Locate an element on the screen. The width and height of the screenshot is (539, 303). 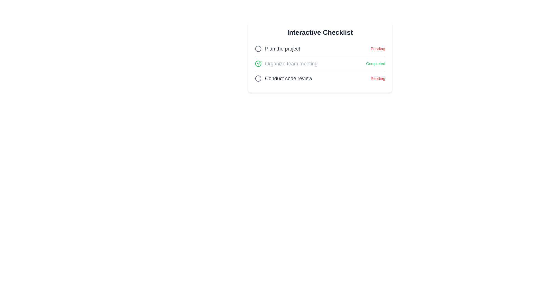
the circular icon representing the third item in the checklist labeled 'Conduct code review' is located at coordinates (258, 79).